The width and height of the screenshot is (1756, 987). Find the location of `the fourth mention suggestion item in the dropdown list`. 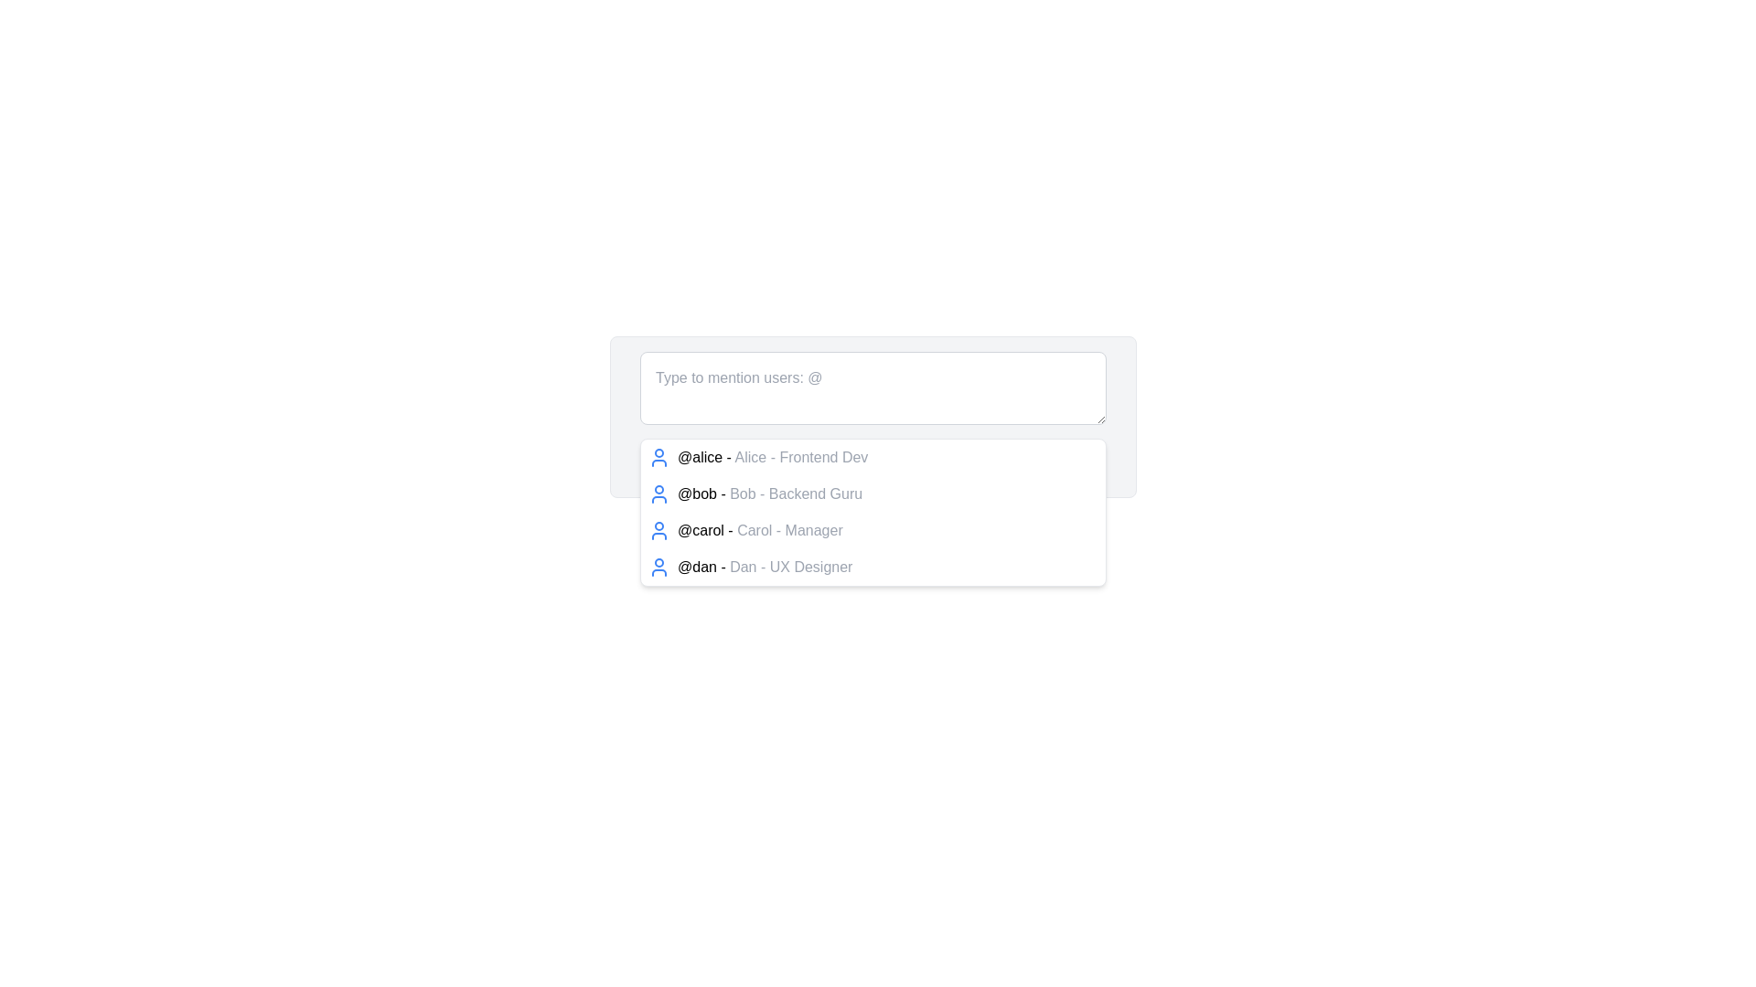

the fourth mention suggestion item in the dropdown list is located at coordinates (765, 567).